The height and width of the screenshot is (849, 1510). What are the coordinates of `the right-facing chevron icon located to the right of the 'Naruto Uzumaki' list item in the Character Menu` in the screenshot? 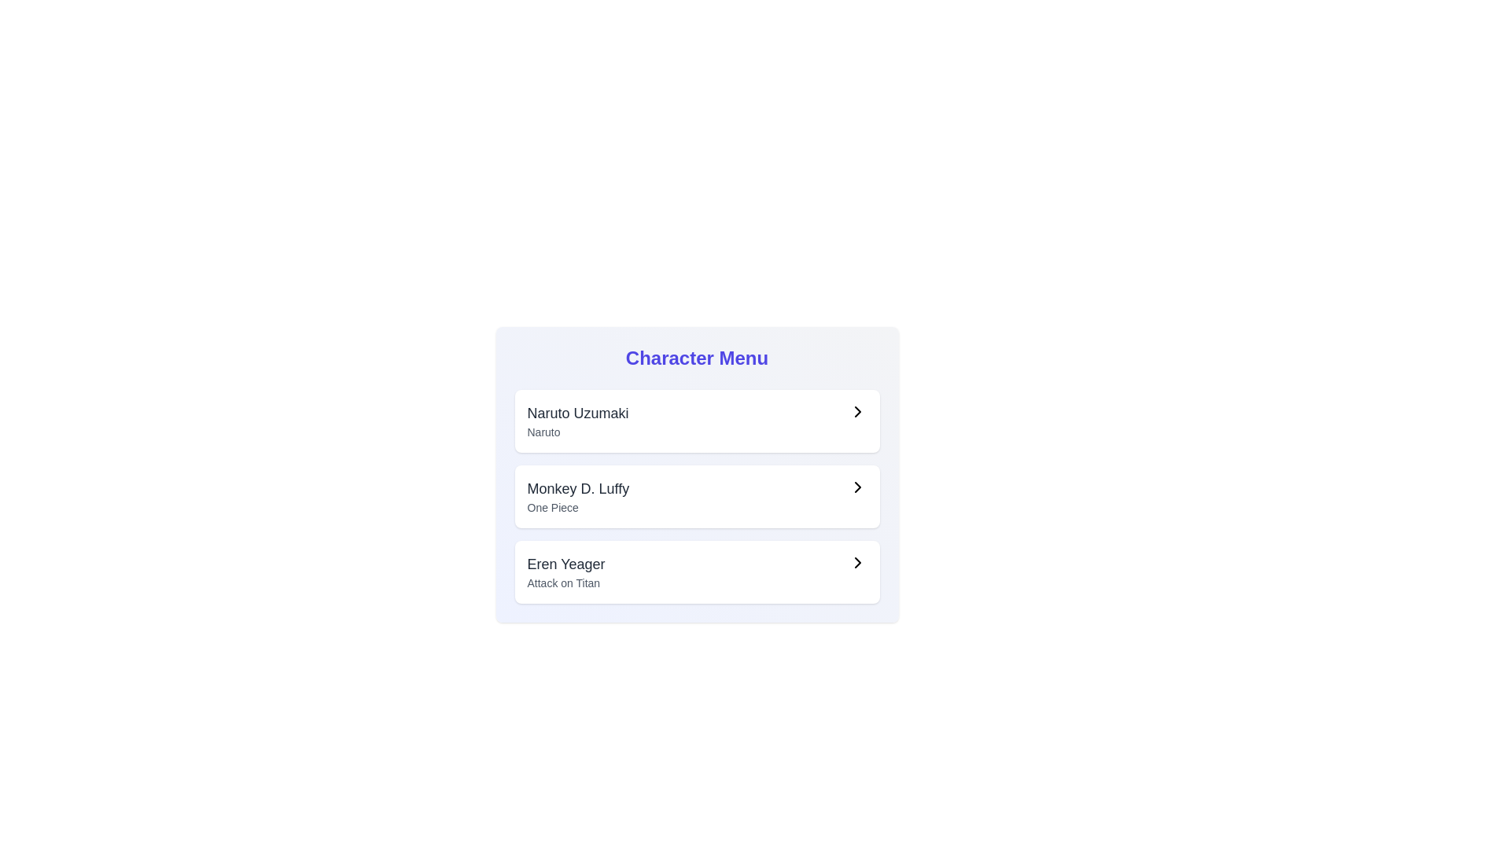 It's located at (856, 411).